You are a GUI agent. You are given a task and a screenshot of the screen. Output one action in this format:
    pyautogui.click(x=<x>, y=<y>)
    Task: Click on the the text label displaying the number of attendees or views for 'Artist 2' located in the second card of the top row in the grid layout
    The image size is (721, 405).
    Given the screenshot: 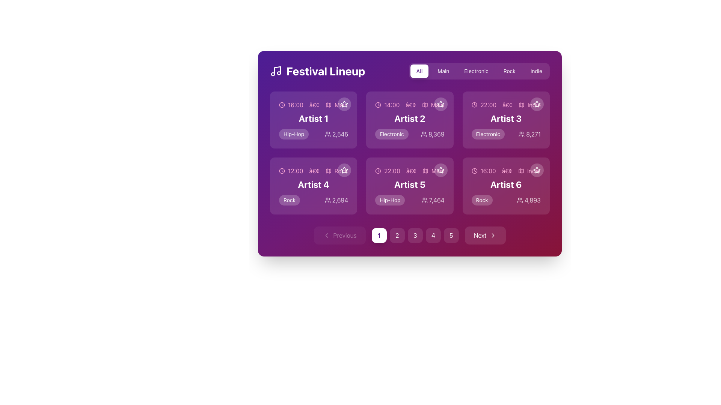 What is the action you would take?
    pyautogui.click(x=433, y=134)
    